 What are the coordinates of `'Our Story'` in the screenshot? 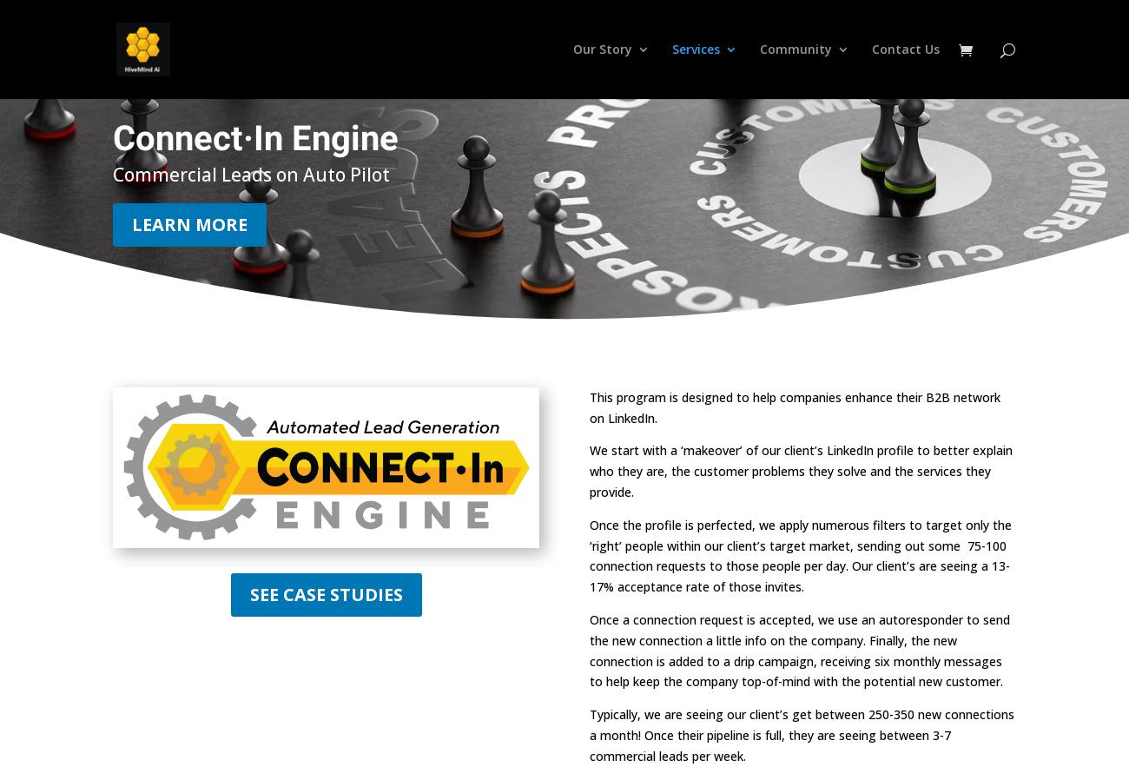 It's located at (601, 48).